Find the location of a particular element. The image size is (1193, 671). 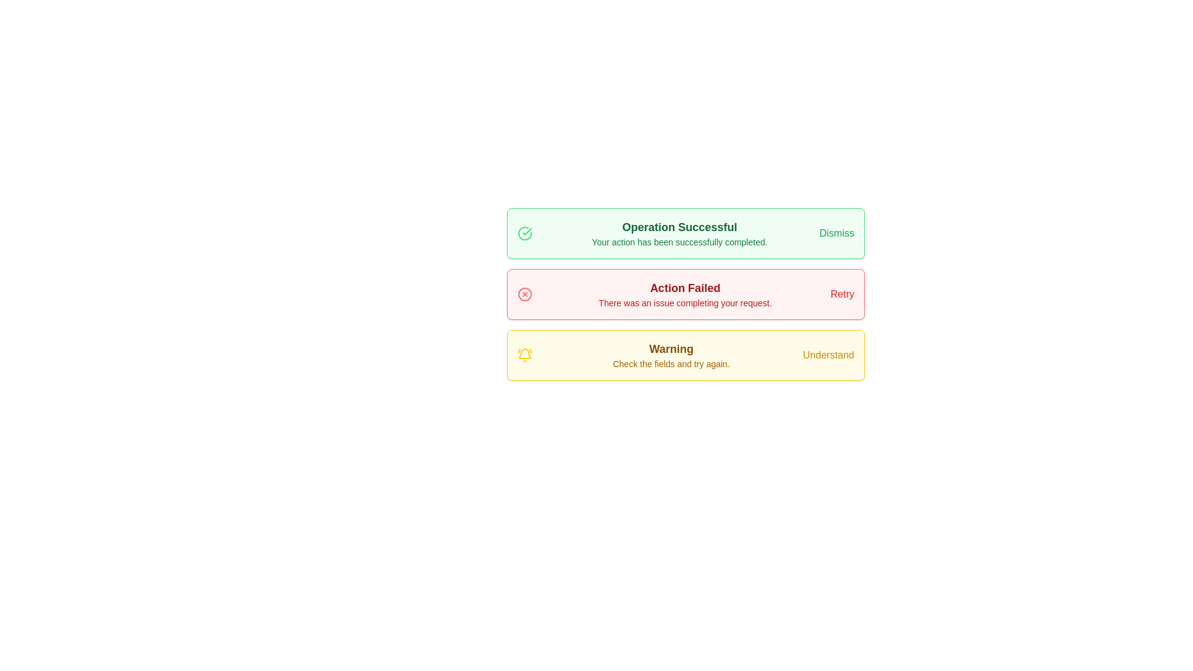

the topmost alert box text display that communicates successful operation to the user, positioned at the top of the interface is located at coordinates (679, 227).